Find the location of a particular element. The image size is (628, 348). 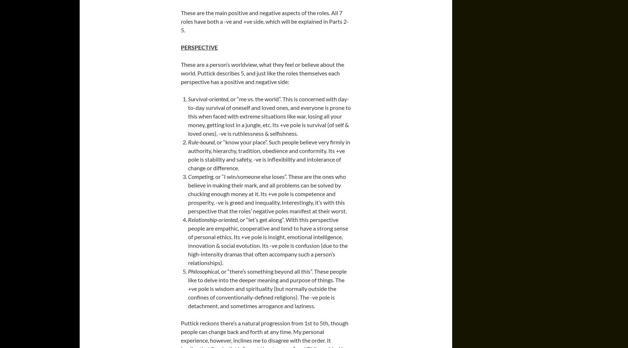

', or “know your place”. Such people believe very firmly in authority, hierarchy, tradition, obedience and conformity. Its +ve pole is stability and safety, -ve is inflexibility and intolerance of change or difference.' is located at coordinates (269, 154).